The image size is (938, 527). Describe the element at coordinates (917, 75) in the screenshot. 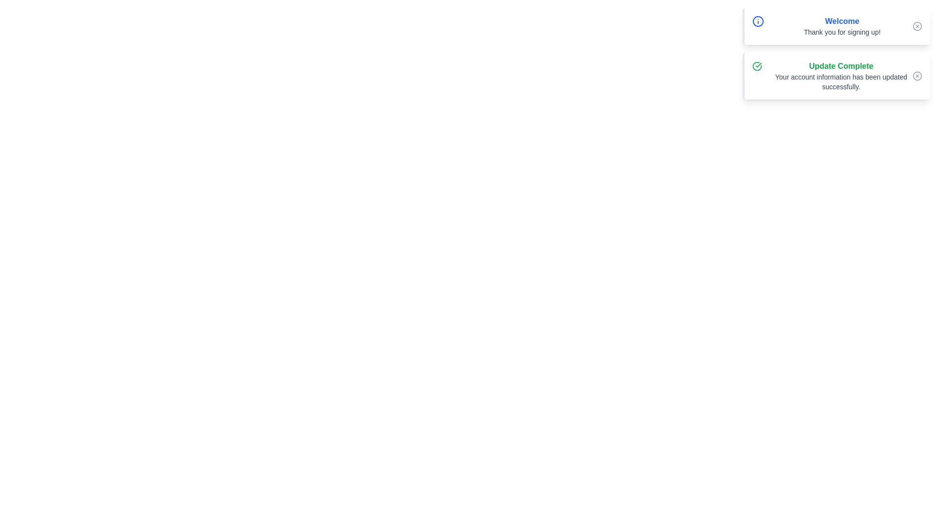

I see `the circular 'X' button located in the top-right corner of the notification card with the heading 'Update Complete'` at that location.